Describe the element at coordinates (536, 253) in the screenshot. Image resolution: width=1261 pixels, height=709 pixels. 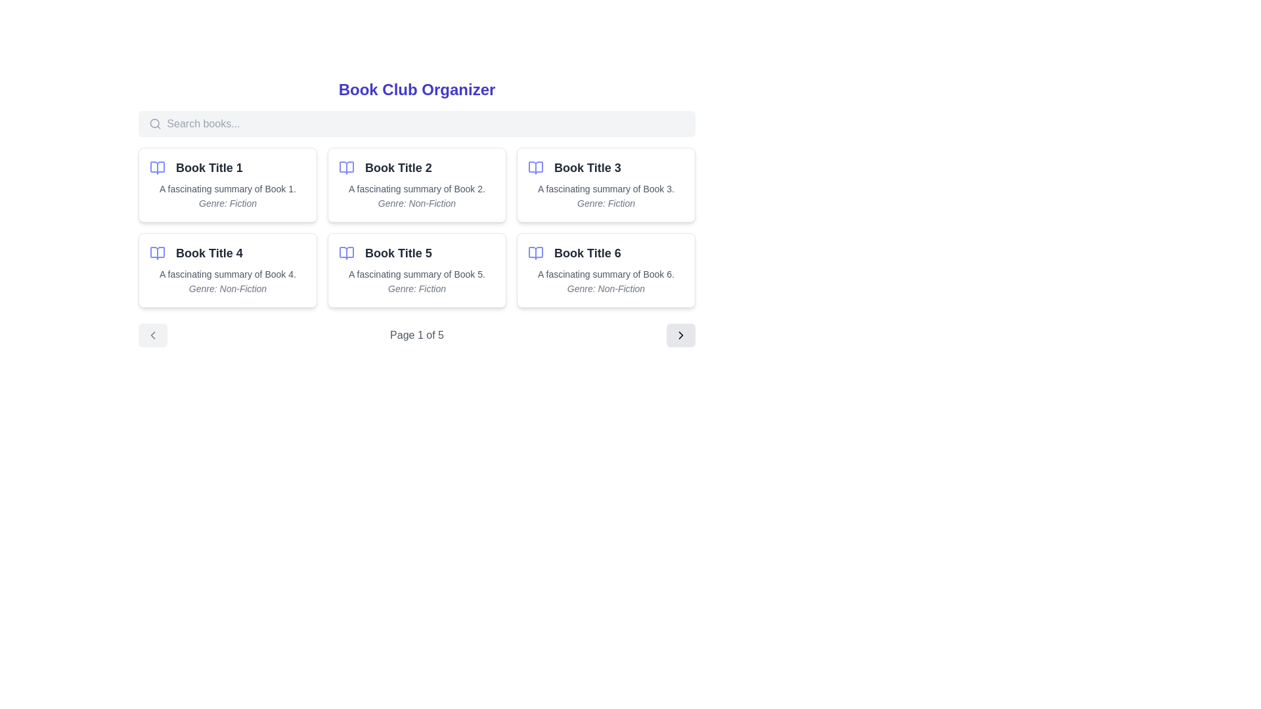
I see `the book icon located in the top-left section of the card for 'Book Title 6', which is positioned next` at that location.